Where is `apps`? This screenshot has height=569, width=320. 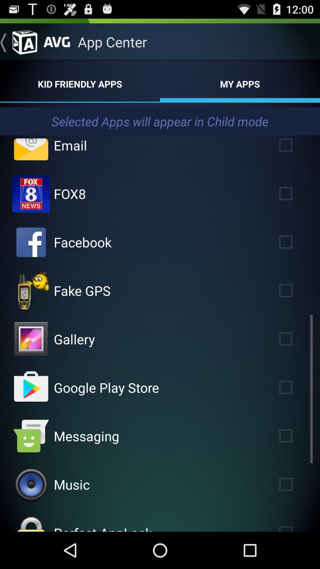 apps is located at coordinates (294, 148).